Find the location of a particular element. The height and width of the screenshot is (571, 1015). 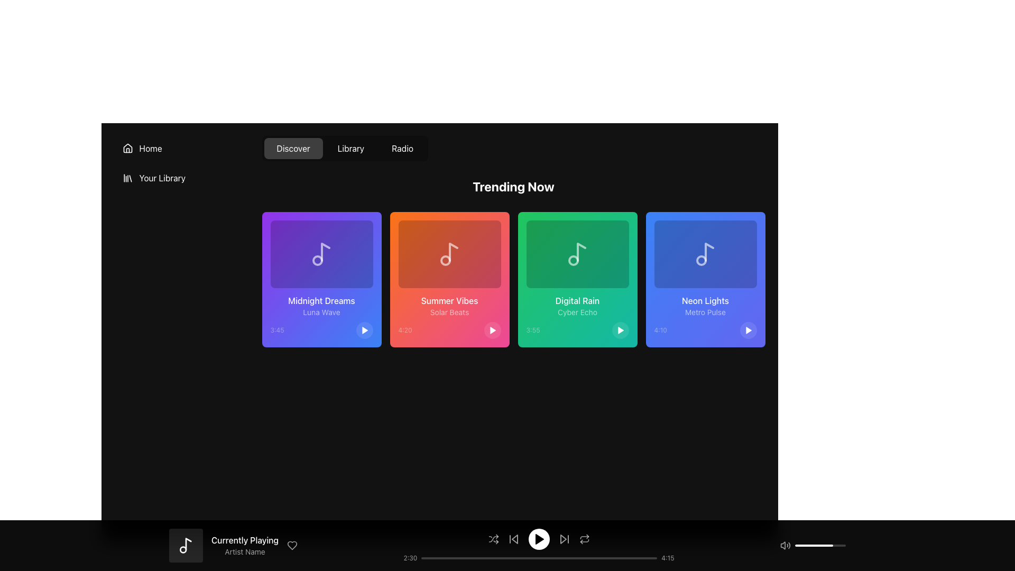

the state change of the active song icon, which is a visual identifier located within the musical note icon, positioned above the bottom bar and to the left of the 'Currently Playing' label is located at coordinates (188, 544).